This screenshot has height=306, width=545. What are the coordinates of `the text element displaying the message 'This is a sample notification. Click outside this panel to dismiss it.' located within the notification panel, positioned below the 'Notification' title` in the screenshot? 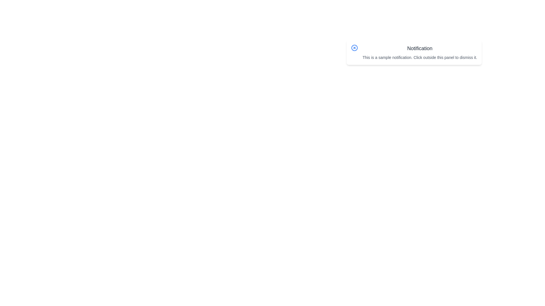 It's located at (420, 58).